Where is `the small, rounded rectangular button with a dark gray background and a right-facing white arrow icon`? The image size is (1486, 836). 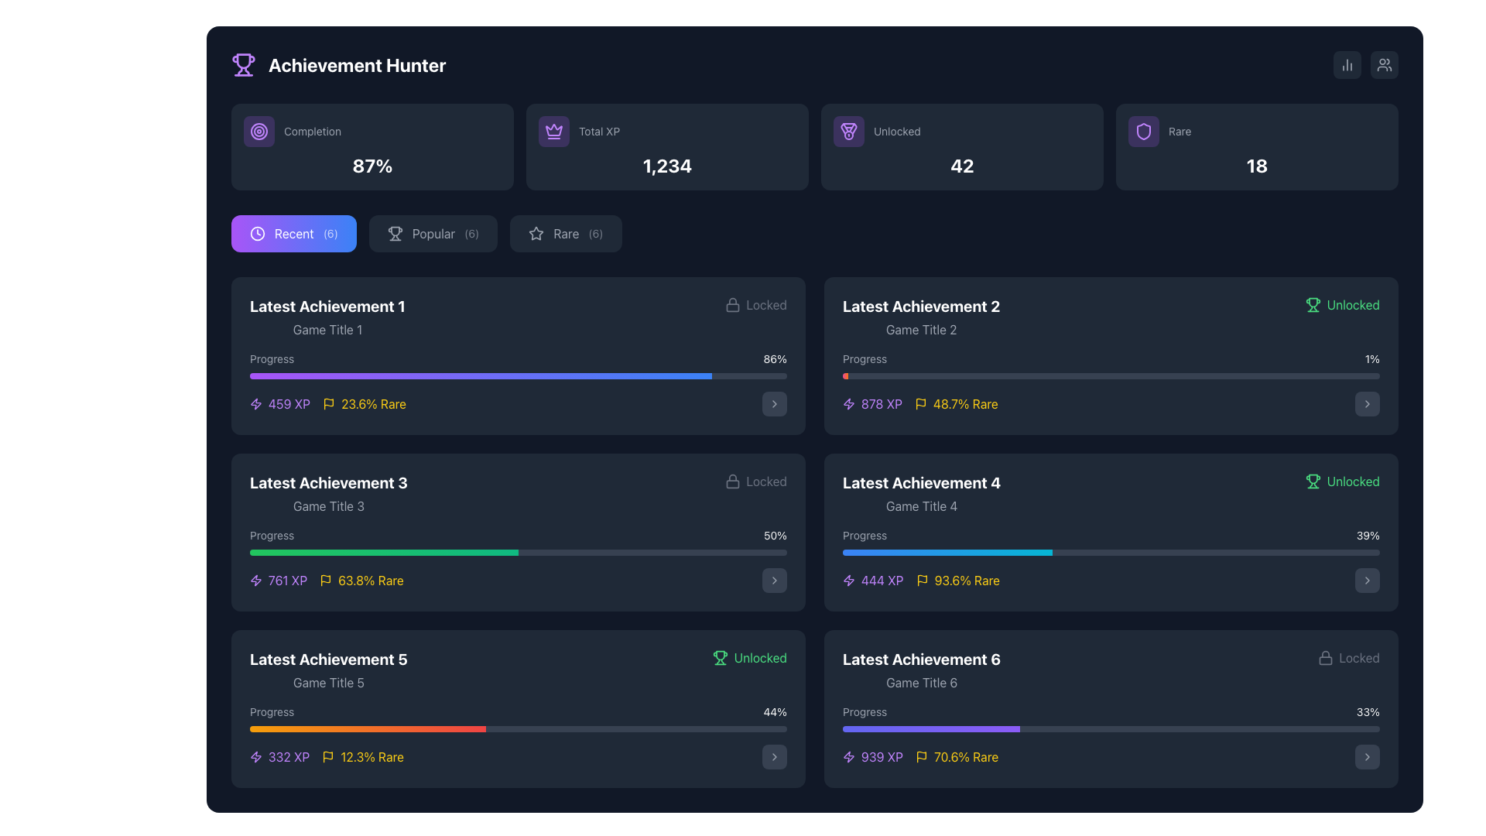
the small, rounded rectangular button with a dark gray background and a right-facing white arrow icon is located at coordinates (1367, 756).